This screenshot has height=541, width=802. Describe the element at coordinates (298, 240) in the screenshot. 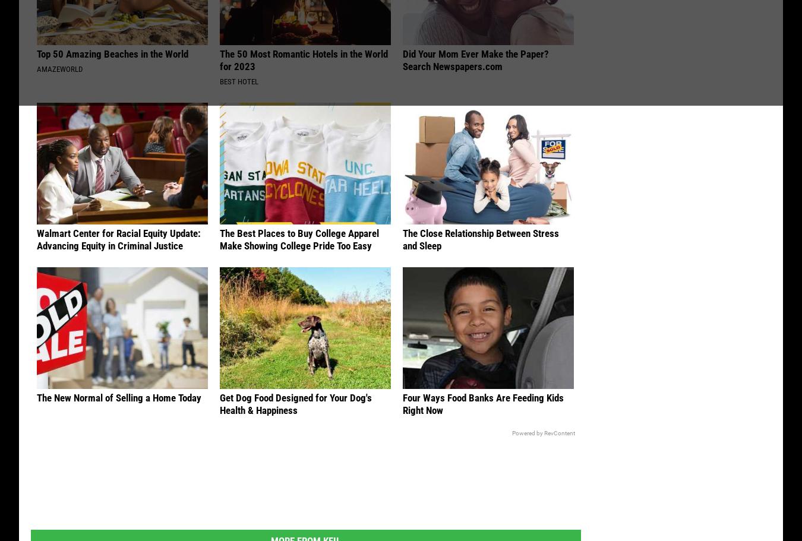

I see `'The Best Places to Buy College Apparel Make Showing College Pride Too Easy'` at that location.